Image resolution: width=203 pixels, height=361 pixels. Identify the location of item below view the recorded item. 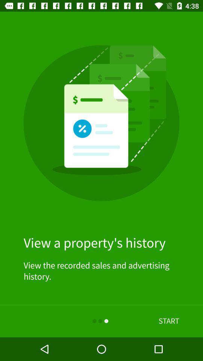
(169, 321).